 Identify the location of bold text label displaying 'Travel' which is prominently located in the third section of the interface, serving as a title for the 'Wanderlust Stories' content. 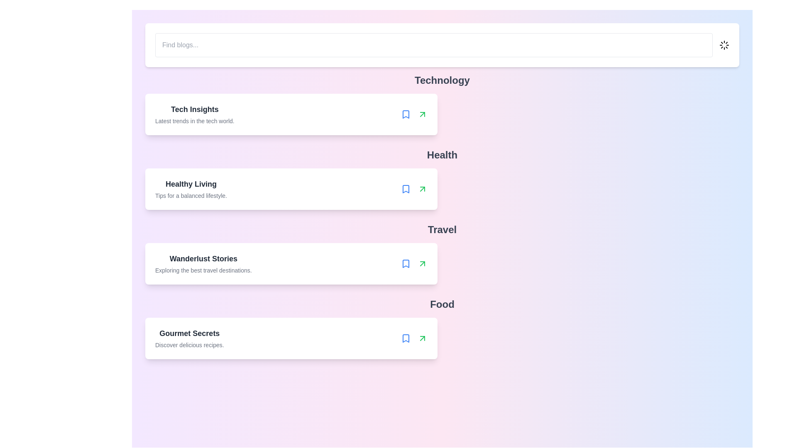
(442, 230).